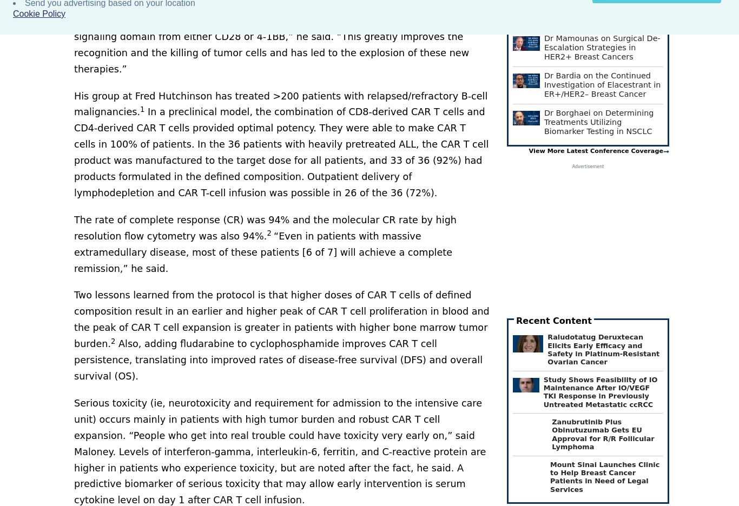  I want to click on 'Raludotatug Deruxtecan Elicits Early Efficacy and Safety in Platinum-Resistant Ovarian Cancer', so click(603, 349).